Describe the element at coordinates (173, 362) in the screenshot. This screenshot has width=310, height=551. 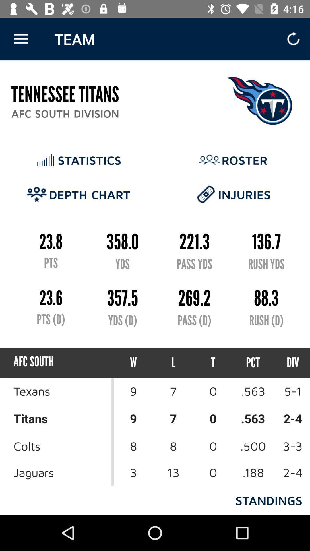
I see `item below the pass (d) icon` at that location.